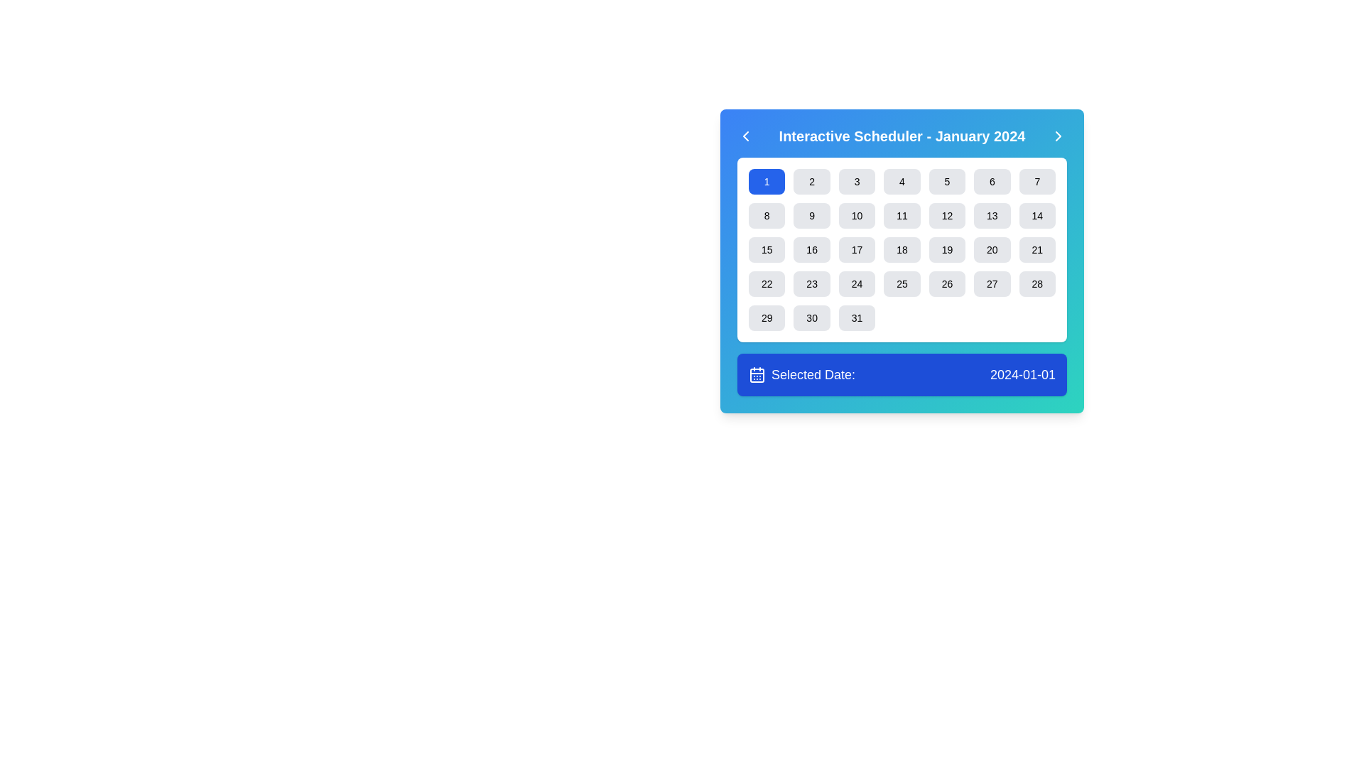  Describe the element at coordinates (1037, 216) in the screenshot. I see `the button displaying the date '14' in the calendar grid layout` at that location.